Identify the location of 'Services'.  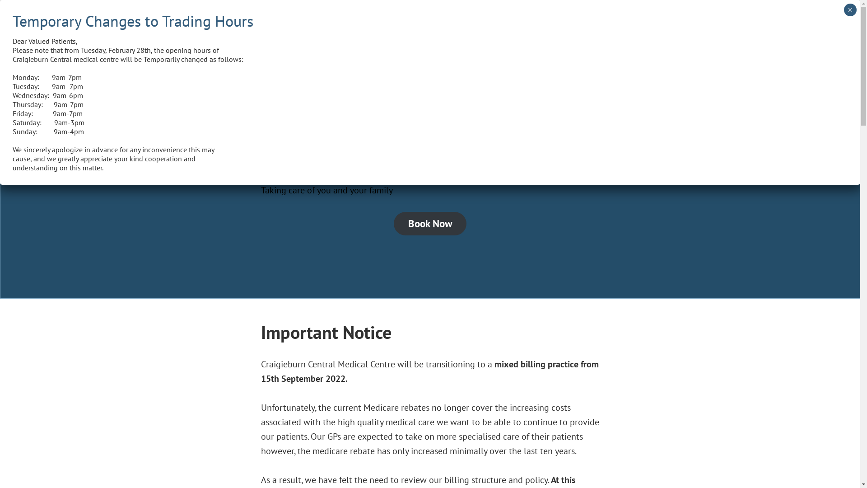
(491, 27).